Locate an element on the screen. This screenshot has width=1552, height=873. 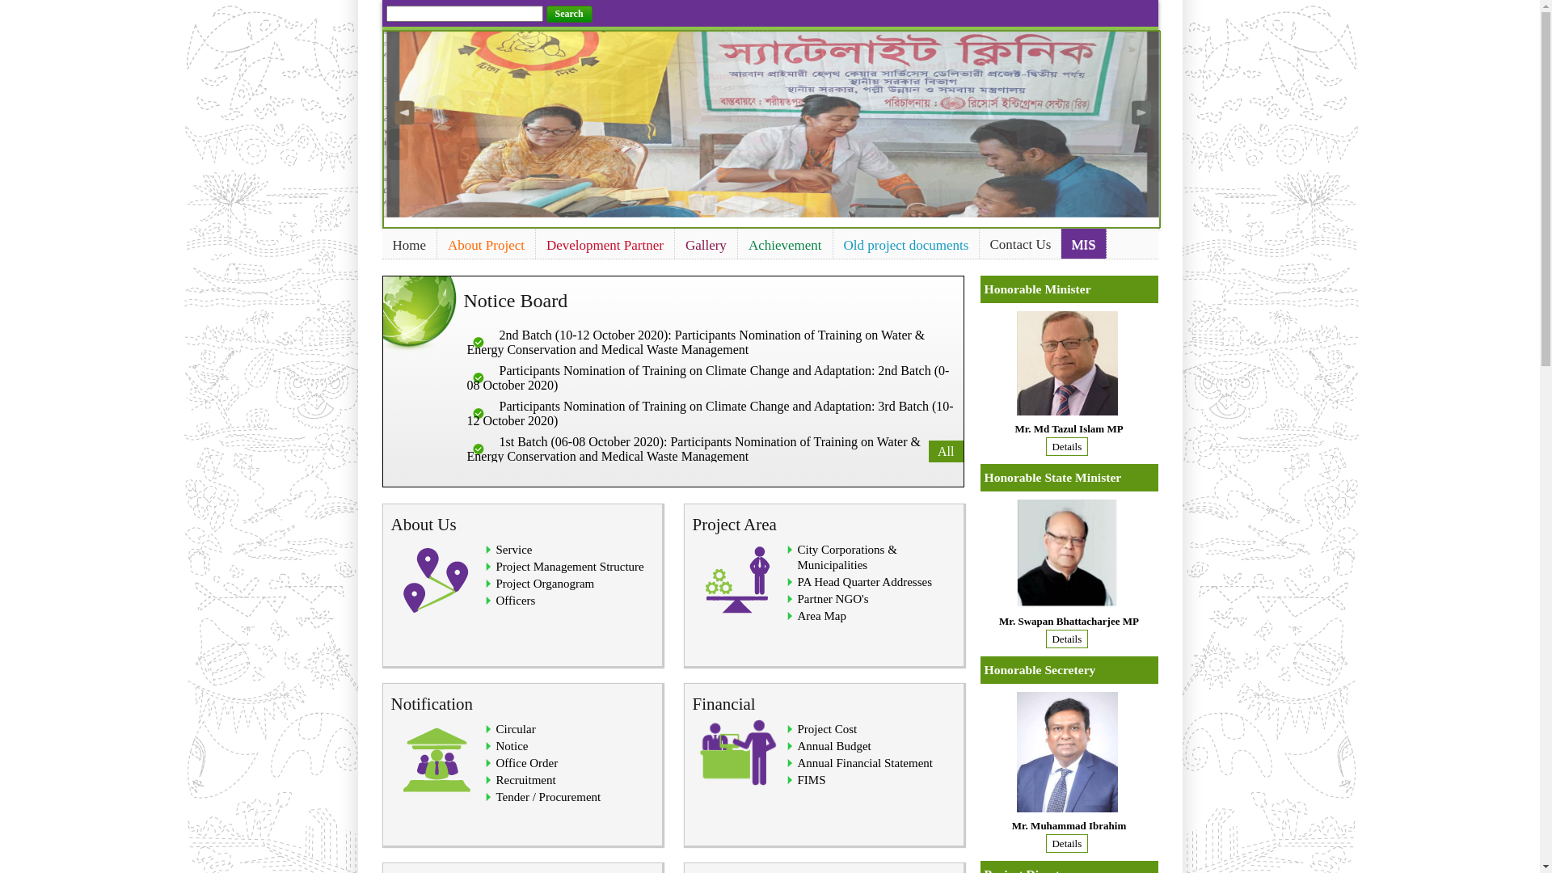
'Old project documents' is located at coordinates (906, 246).